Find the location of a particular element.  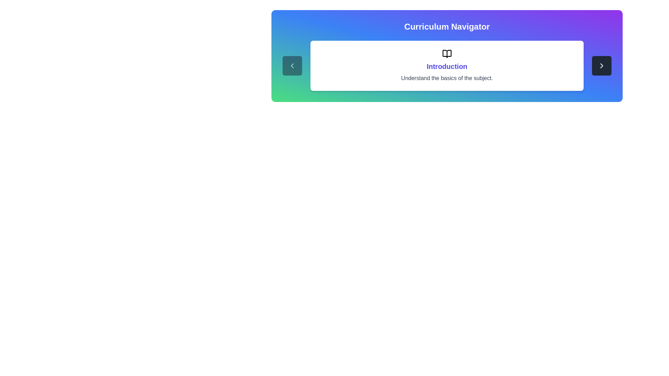

right navigation button to move to the next topic is located at coordinates (601, 66).